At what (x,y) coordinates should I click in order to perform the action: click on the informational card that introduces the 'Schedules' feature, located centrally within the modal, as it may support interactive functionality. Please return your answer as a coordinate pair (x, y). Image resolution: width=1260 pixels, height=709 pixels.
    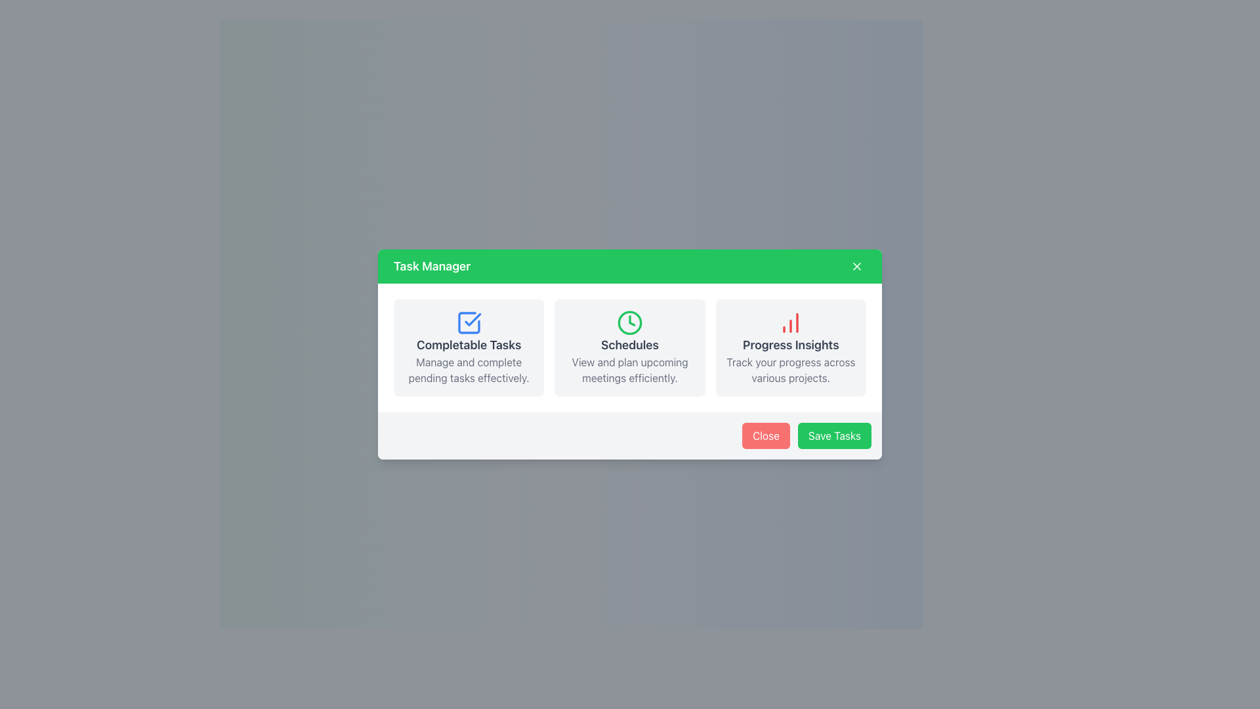
    Looking at the image, I should click on (630, 347).